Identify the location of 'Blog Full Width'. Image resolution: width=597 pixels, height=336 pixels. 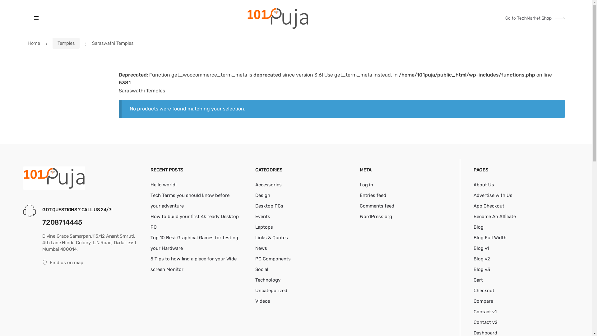
(489, 237).